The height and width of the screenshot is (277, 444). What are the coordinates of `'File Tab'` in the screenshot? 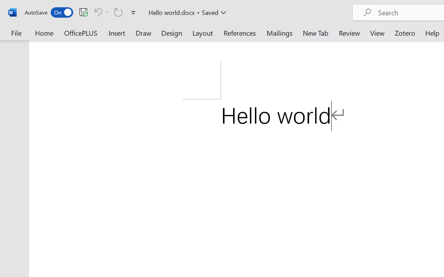 It's located at (16, 33).